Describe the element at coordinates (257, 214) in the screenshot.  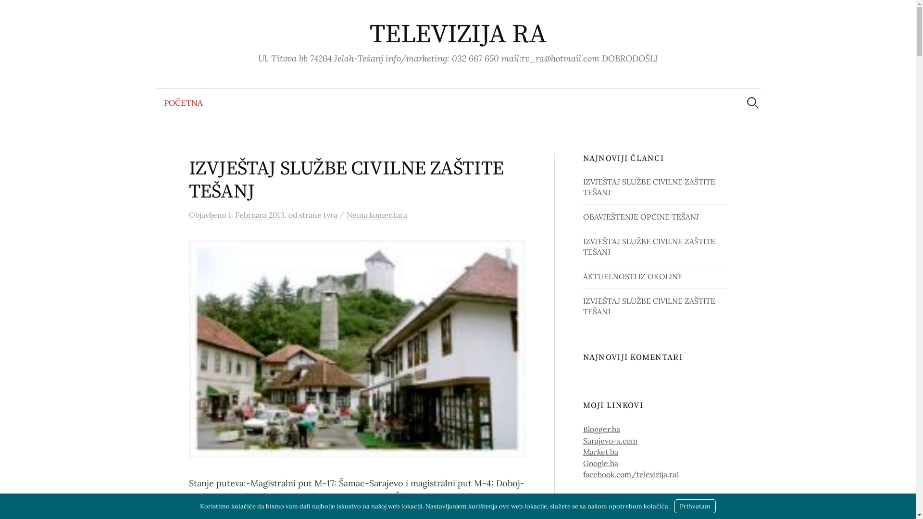
I see `'1. Februara 2013.'` at that location.